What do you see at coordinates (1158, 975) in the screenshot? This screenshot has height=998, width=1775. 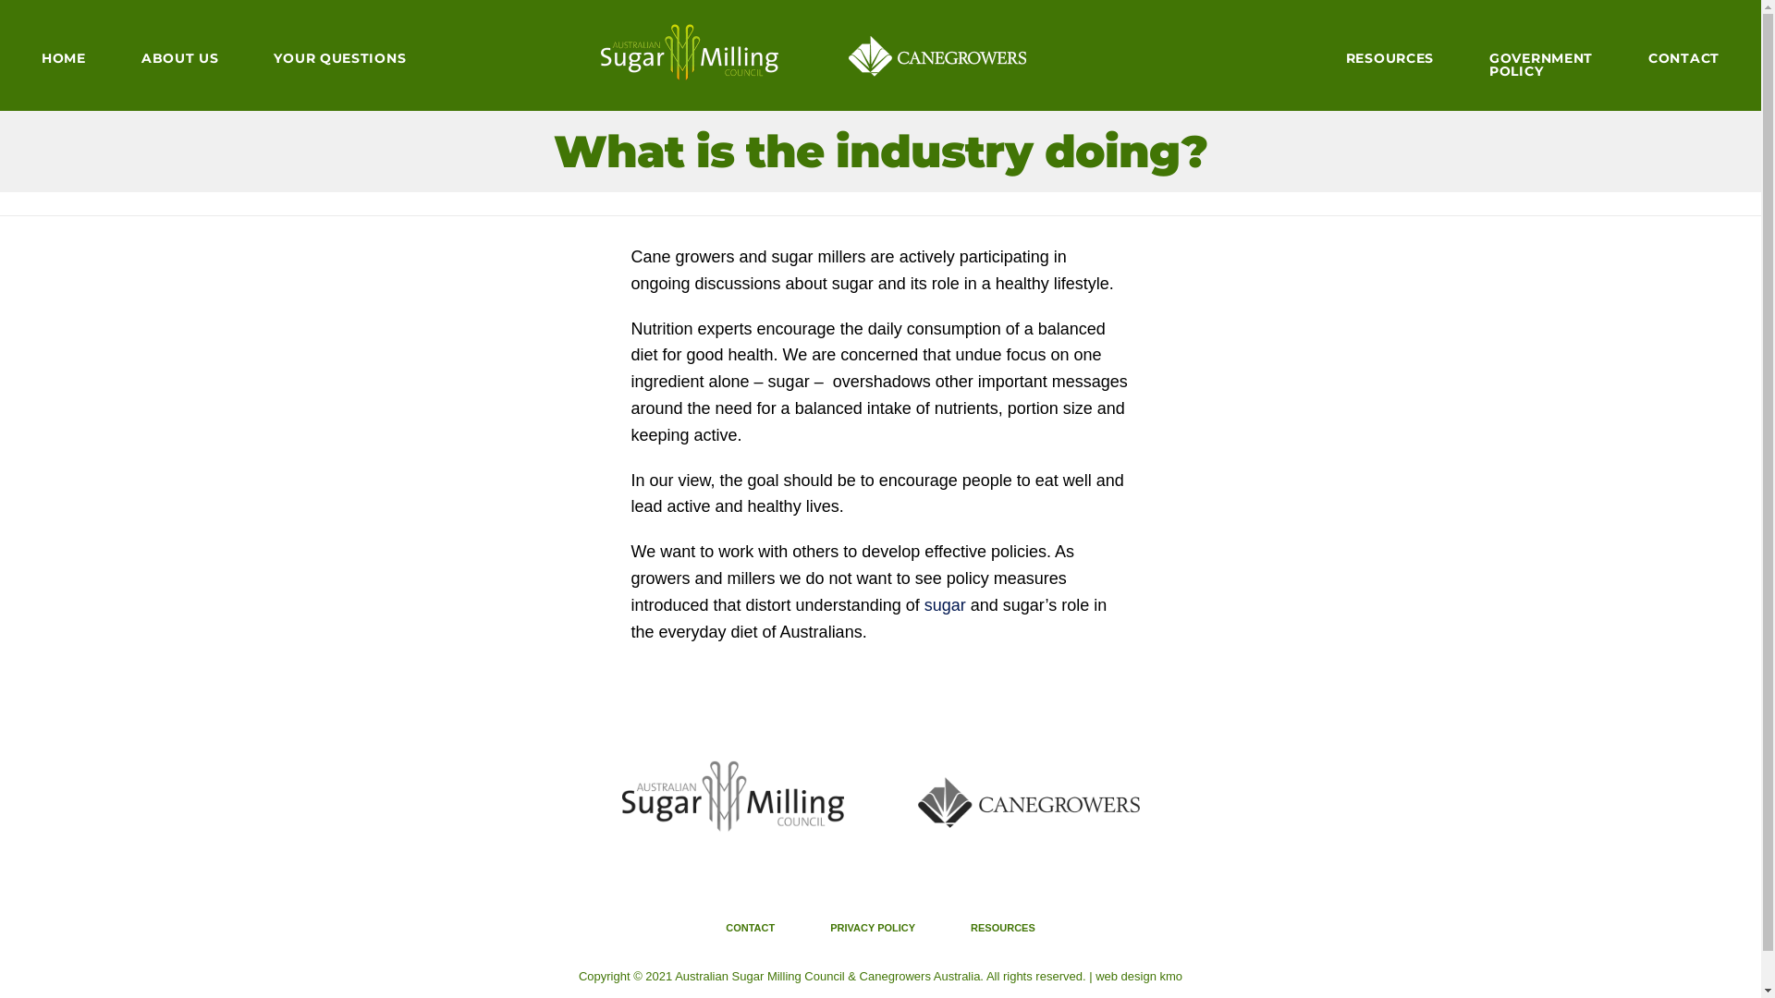 I see `'kmo'` at bounding box center [1158, 975].